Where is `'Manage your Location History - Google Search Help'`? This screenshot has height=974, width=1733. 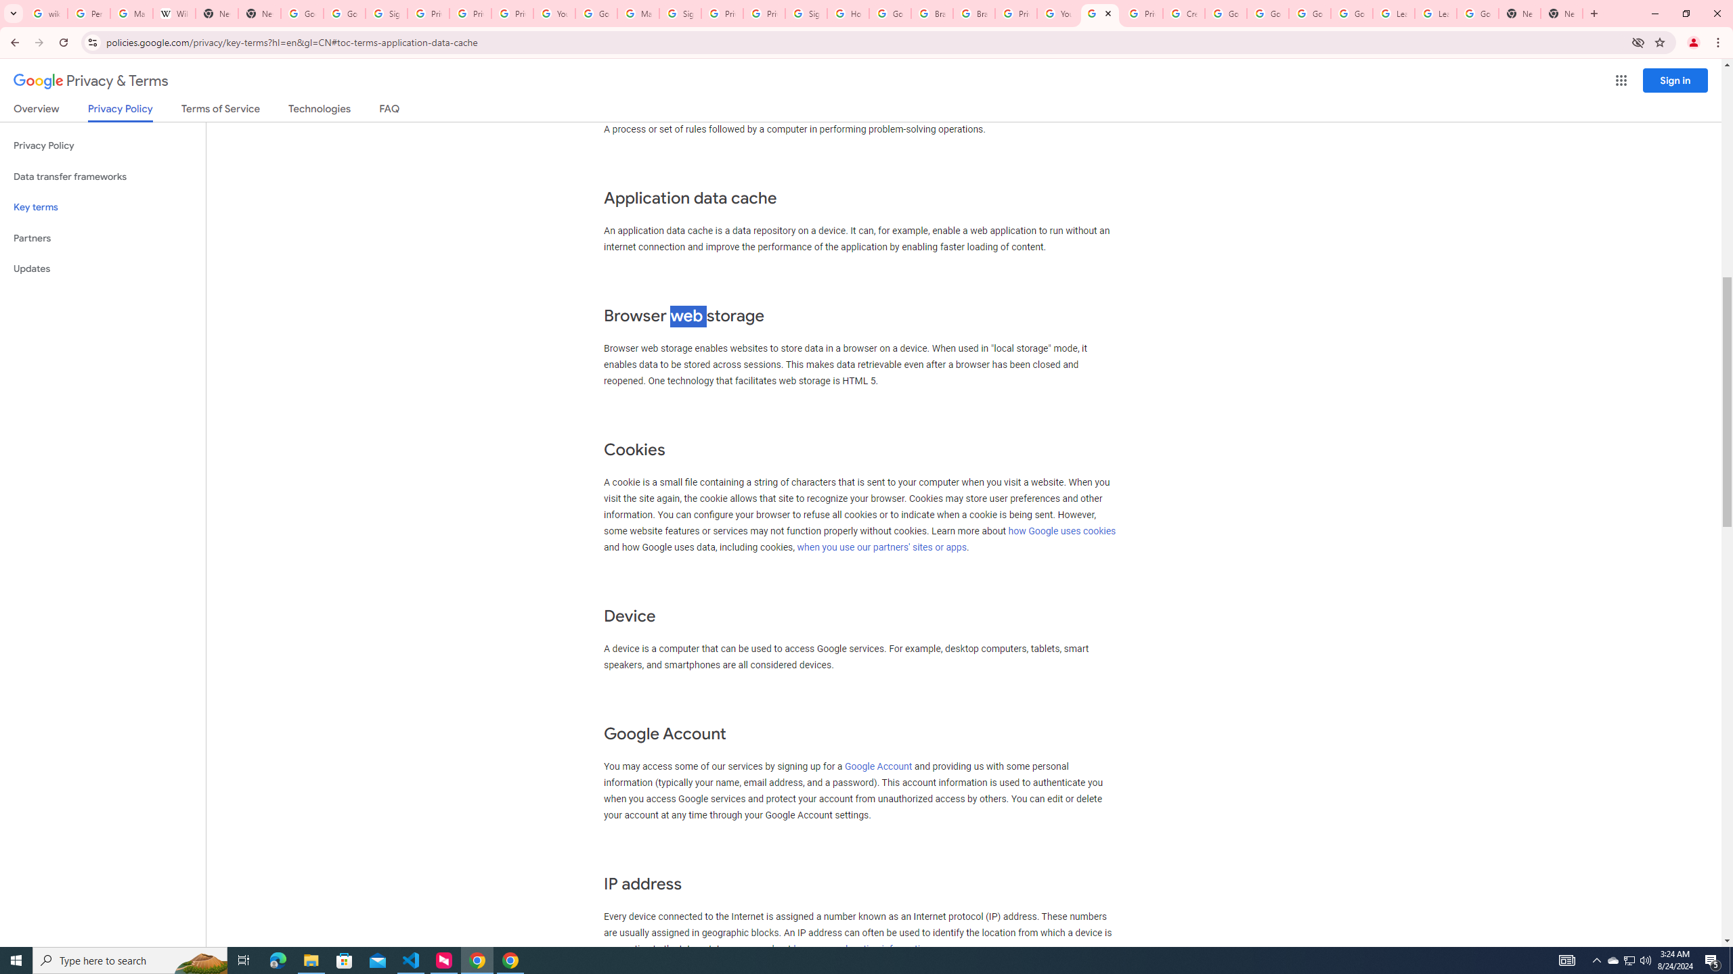
'Manage your Location History - Google Search Help' is located at coordinates (131, 13).